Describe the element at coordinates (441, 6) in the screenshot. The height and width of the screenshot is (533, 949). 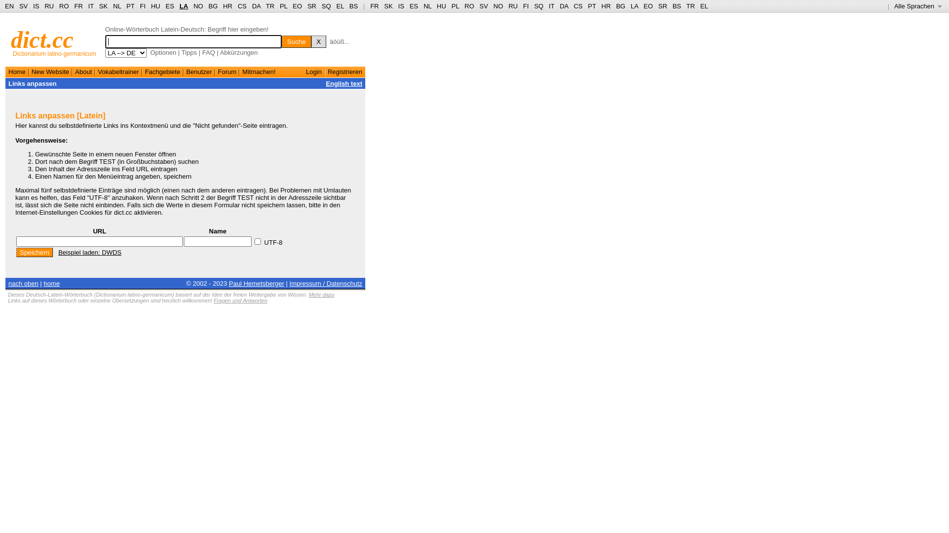
I see `'HU'` at that location.